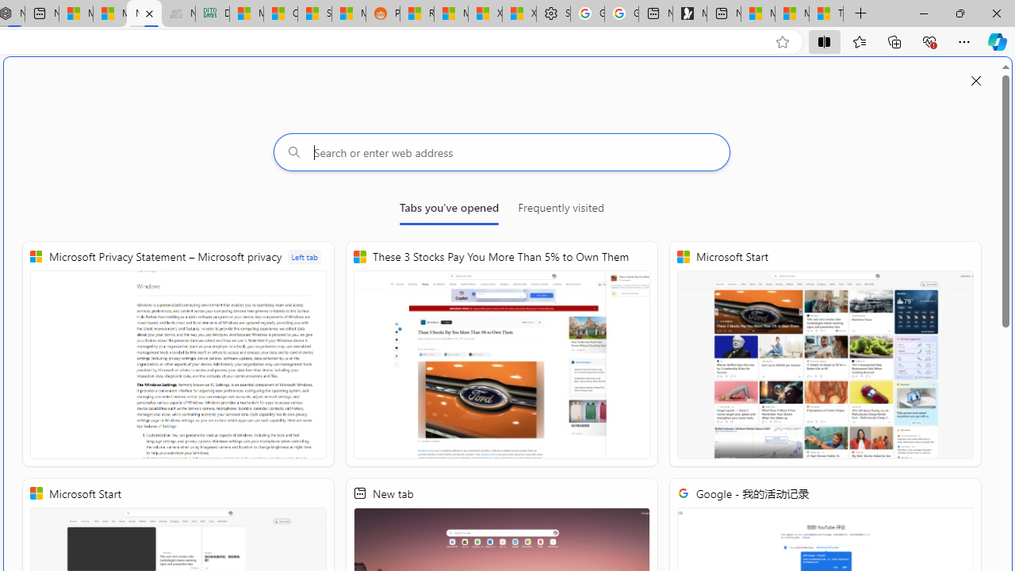 This screenshot has width=1015, height=571. Describe the element at coordinates (315, 13) in the screenshot. I see `'Stocks - MSN'` at that location.